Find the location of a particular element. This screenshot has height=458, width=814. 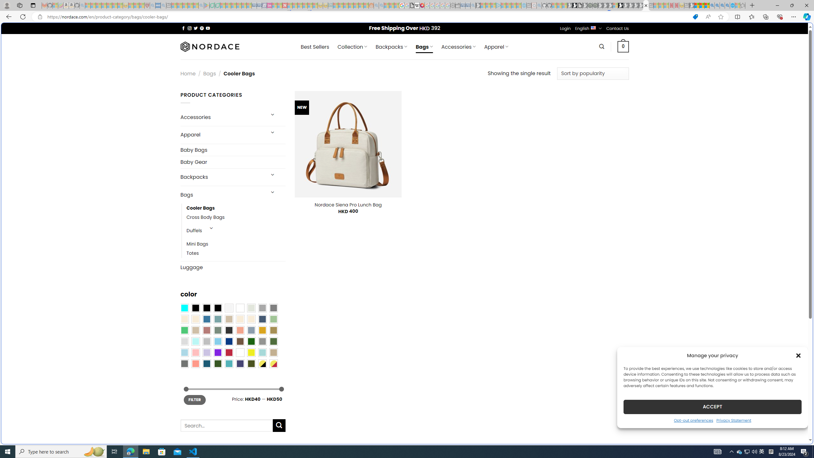

'Beige-Brown' is located at coordinates (195, 319).